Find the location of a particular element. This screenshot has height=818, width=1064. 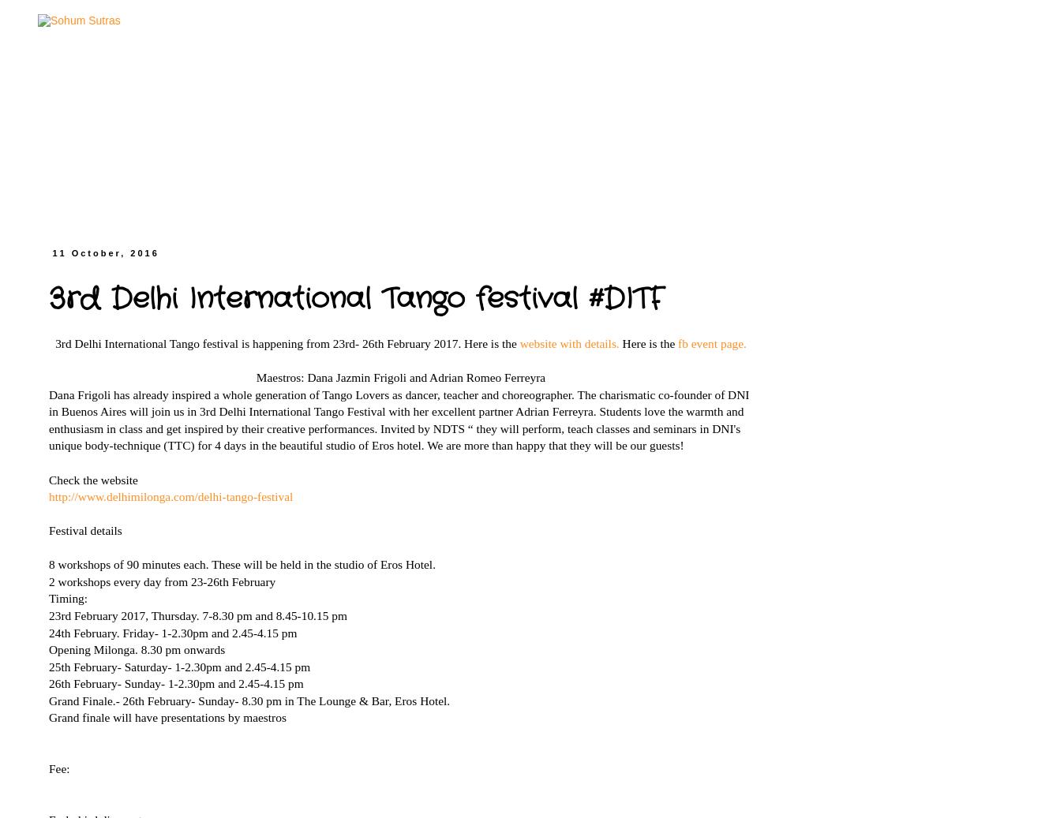

'Opening Milonga. 8.30 pm onwards' is located at coordinates (137, 649).